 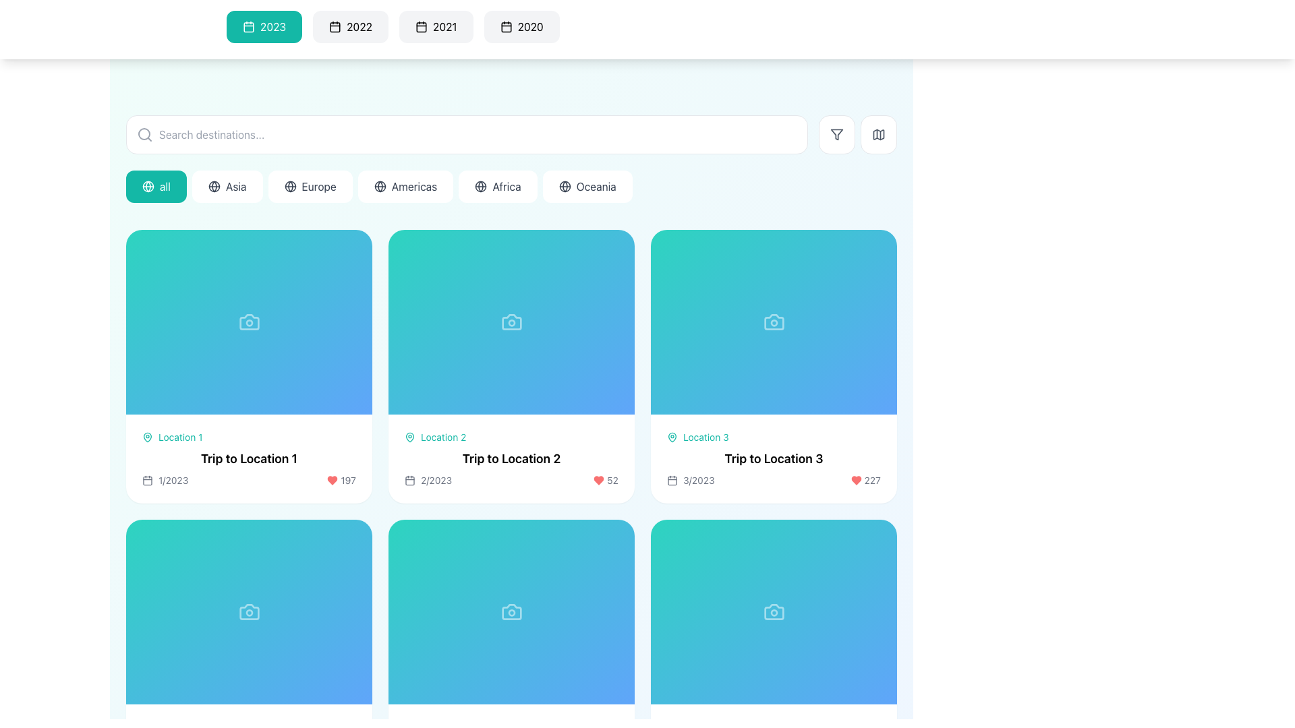 I want to click on the Background panel or preview placeholder with a gradient background and a semi-transparent camera icon located in the fourth card of the second row, so click(x=249, y=611).